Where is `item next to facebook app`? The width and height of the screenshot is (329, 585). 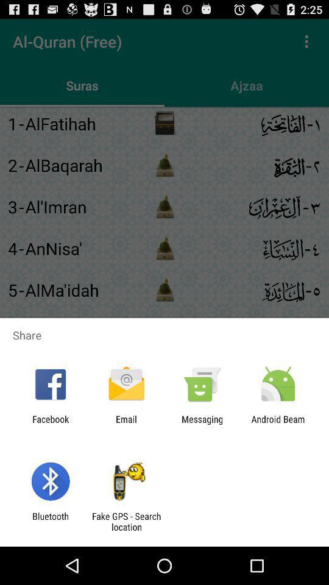 item next to facebook app is located at coordinates (126, 424).